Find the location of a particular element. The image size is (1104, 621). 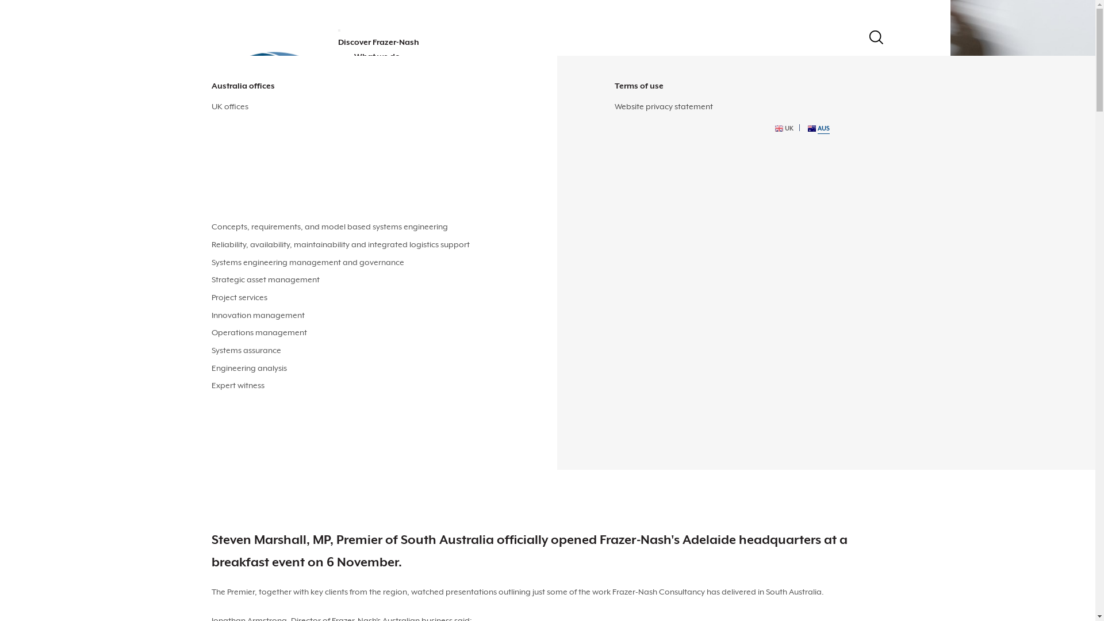

'UK' is located at coordinates (768, 128).